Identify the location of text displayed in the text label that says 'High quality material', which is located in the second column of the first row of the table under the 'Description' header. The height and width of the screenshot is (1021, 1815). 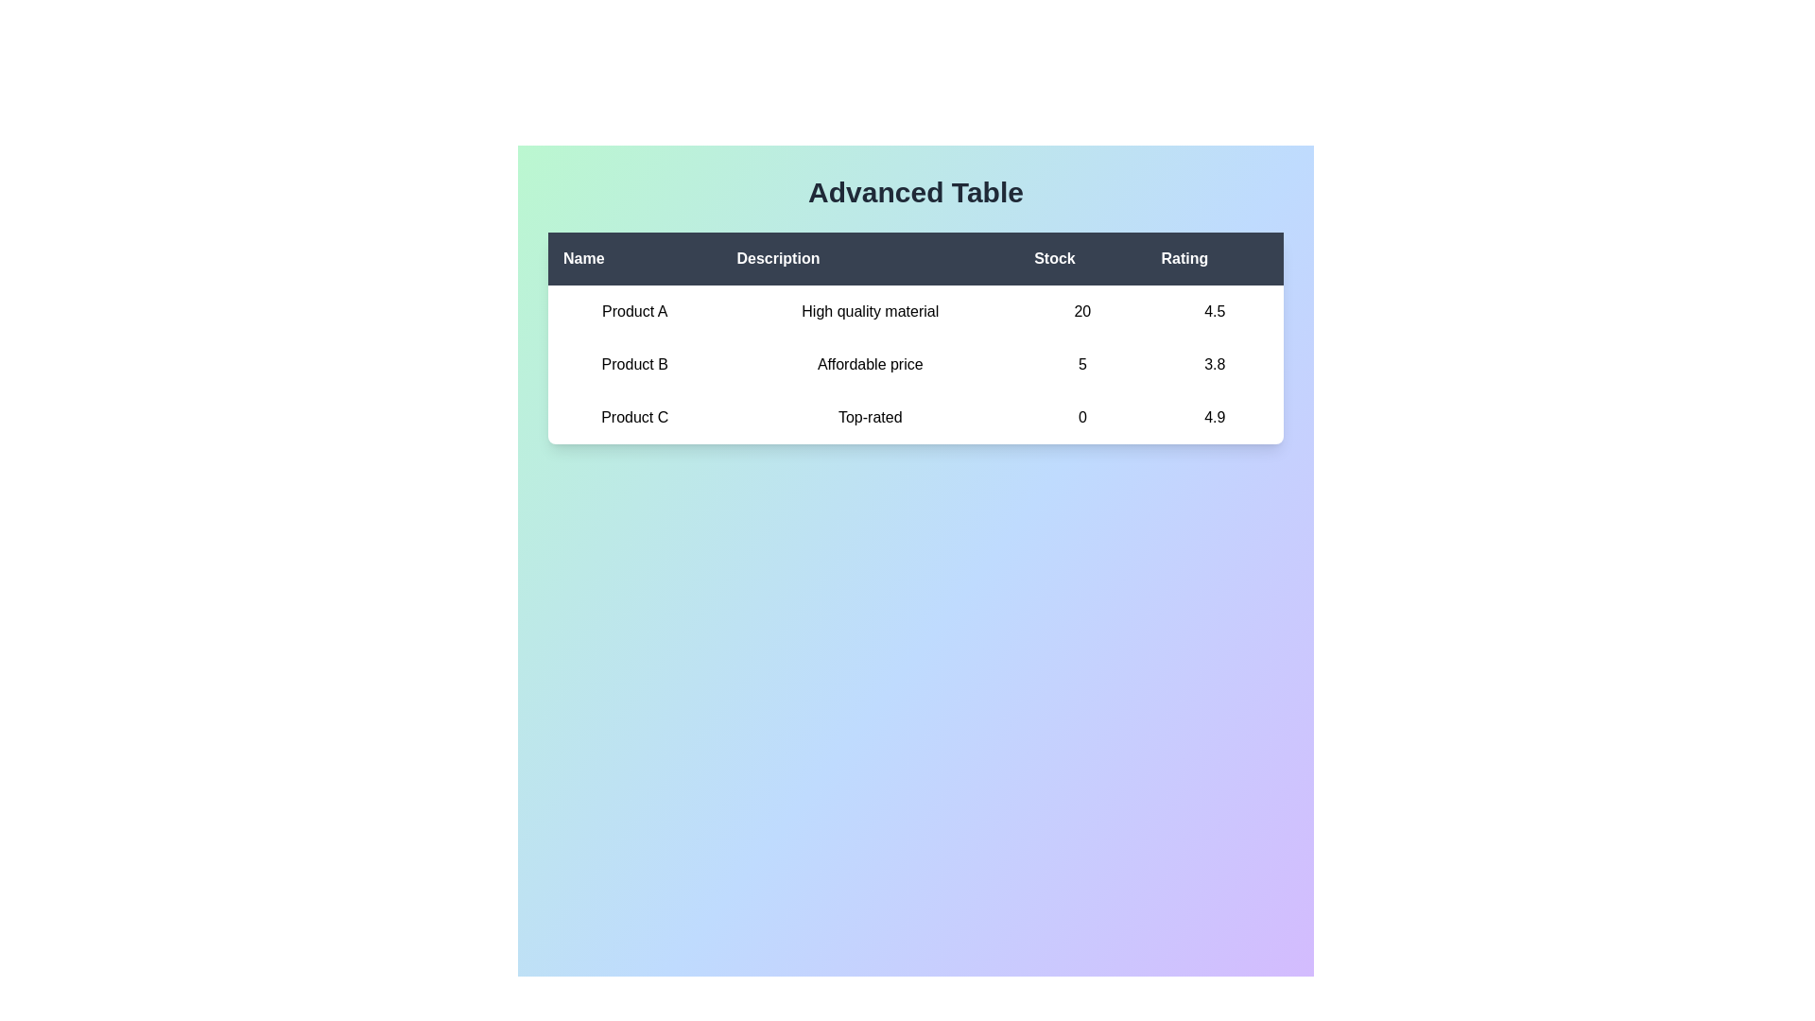
(869, 311).